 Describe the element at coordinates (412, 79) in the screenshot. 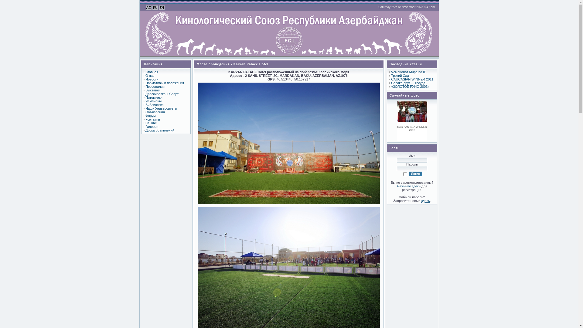

I see `'CAUCASIAN WINNER 2011'` at that location.